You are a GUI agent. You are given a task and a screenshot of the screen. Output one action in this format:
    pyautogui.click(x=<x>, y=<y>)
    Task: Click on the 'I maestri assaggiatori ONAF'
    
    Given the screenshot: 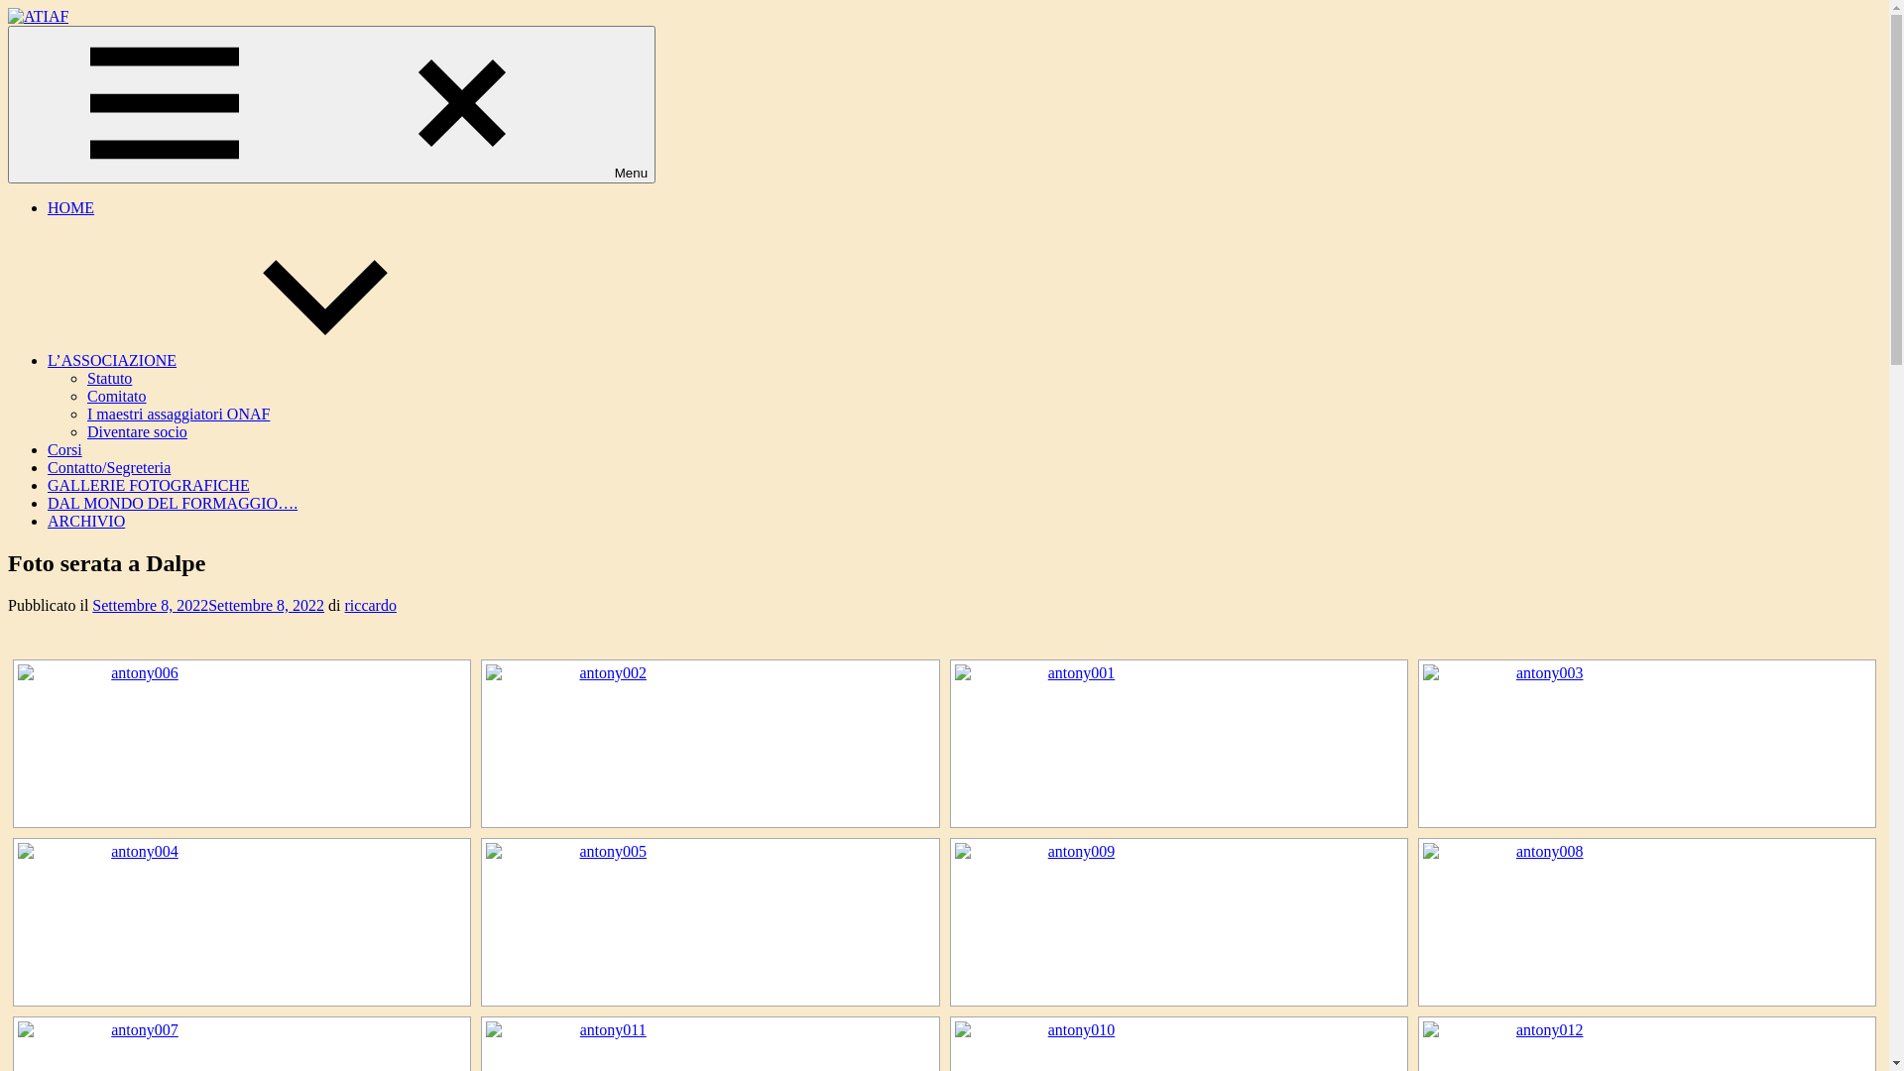 What is the action you would take?
    pyautogui.click(x=178, y=413)
    